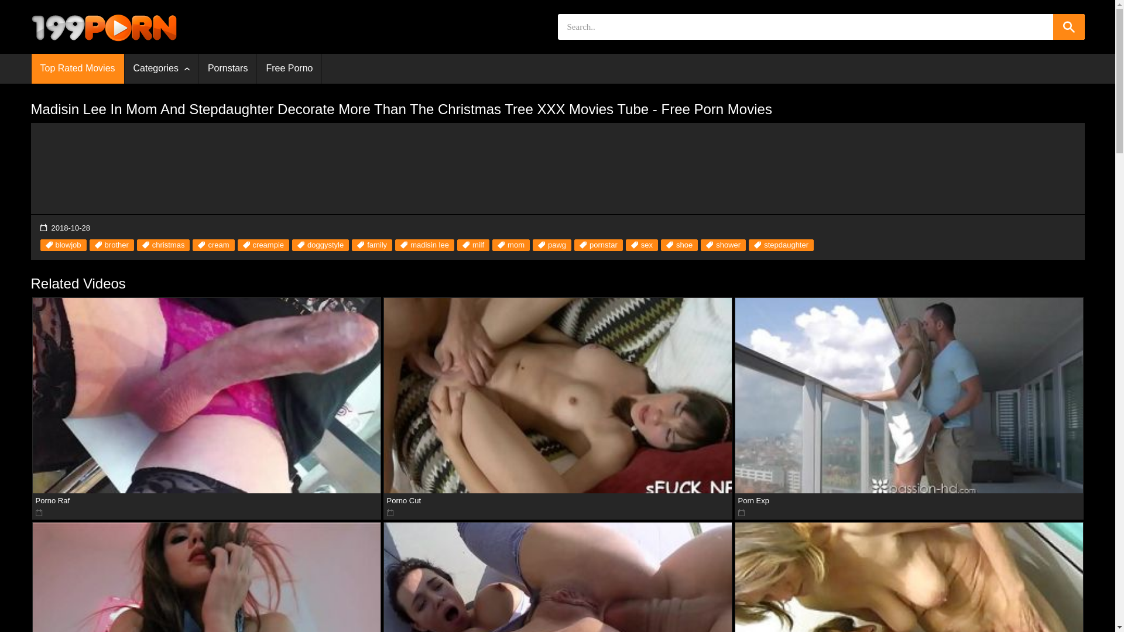  What do you see at coordinates (351, 245) in the screenshot?
I see `'family'` at bounding box center [351, 245].